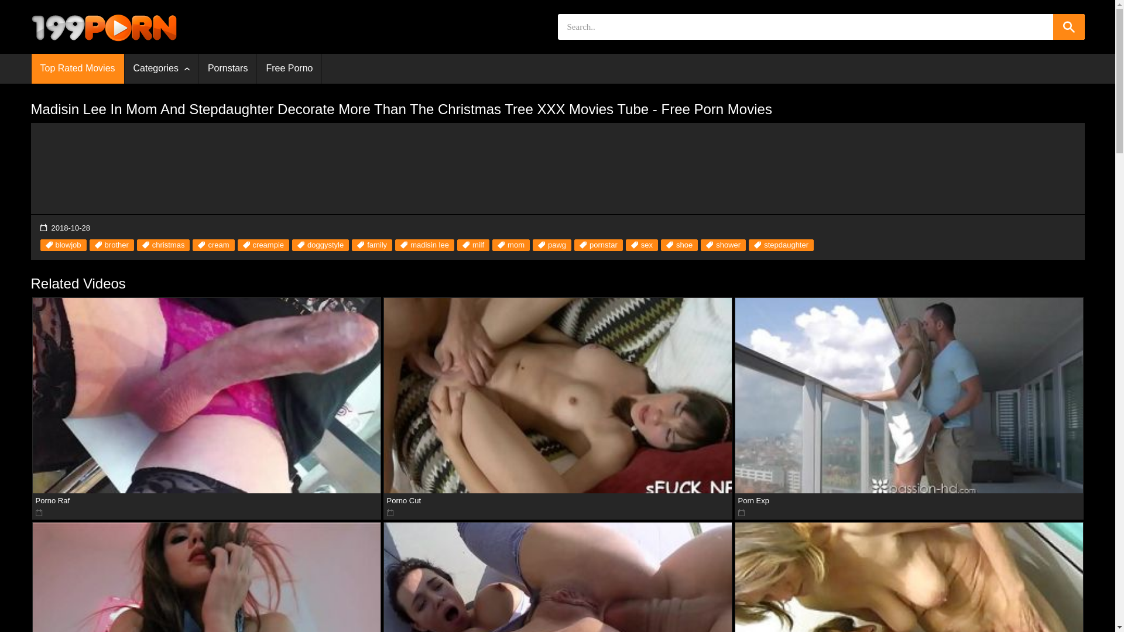  What do you see at coordinates (351, 245) in the screenshot?
I see `'family'` at bounding box center [351, 245].